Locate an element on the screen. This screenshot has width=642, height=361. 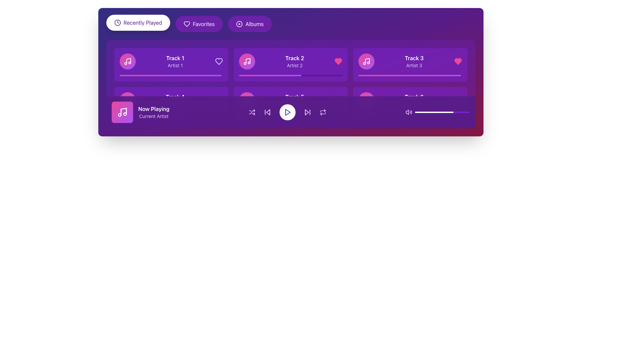
the Text Label displaying the artist's name, which is positioned directly below the 'Now Playing' text in the media player interface is located at coordinates (153, 116).